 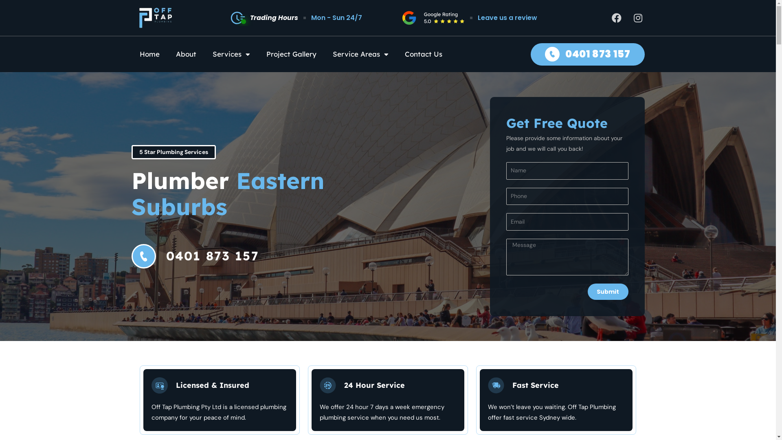 I want to click on 'Contact Us', so click(x=397, y=54).